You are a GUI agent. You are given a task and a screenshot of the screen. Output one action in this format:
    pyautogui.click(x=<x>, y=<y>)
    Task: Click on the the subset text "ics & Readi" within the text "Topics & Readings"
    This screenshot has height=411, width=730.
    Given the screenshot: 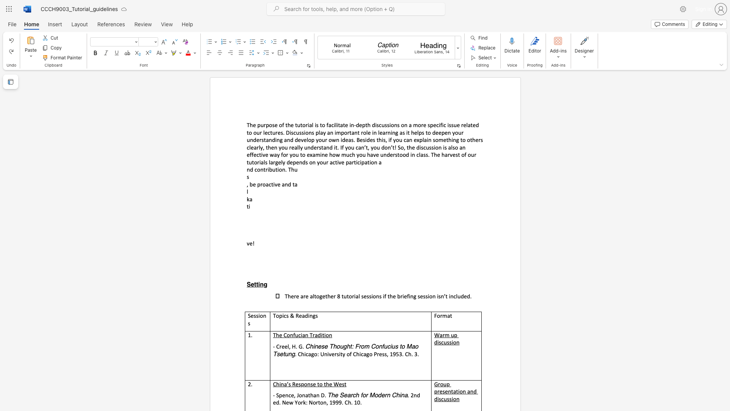 What is the action you would take?
    pyautogui.click(x=282, y=315)
    